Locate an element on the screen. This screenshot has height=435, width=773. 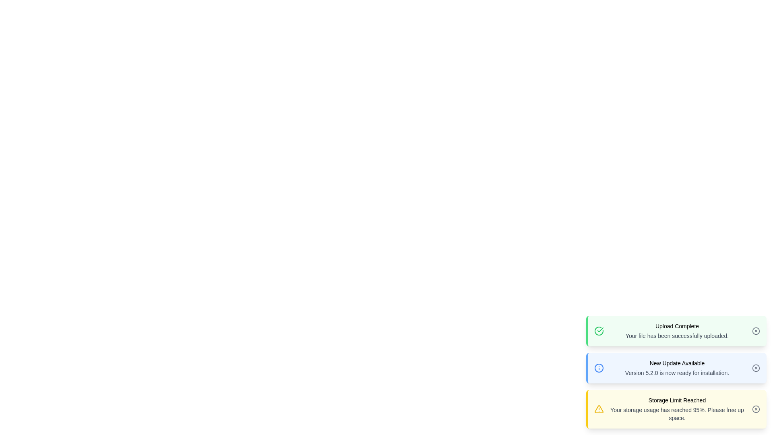
the text block that displays the message 'Your storage usage has reached 95%. Please free up space.' located within the notification card at the bottom of the interface is located at coordinates (676, 414).